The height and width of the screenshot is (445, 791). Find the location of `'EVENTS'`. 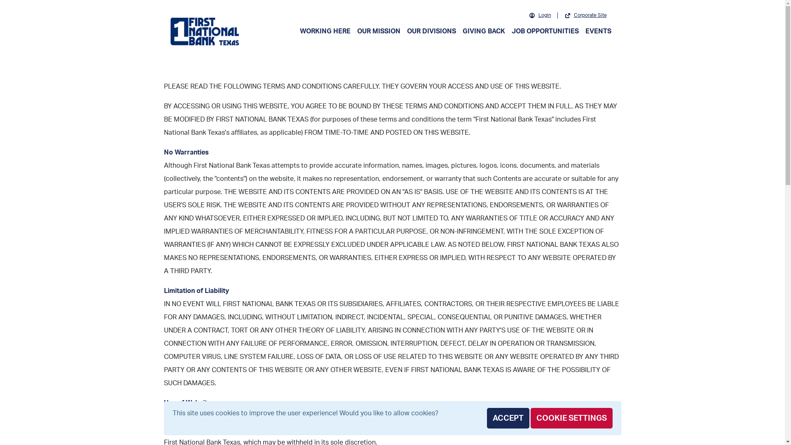

'EVENTS' is located at coordinates (581, 31).